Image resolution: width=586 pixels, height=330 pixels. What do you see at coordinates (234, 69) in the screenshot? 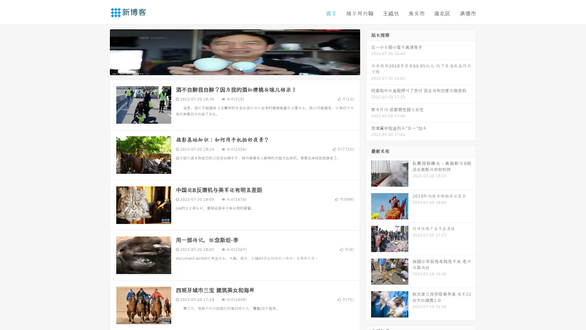
I see `Go to slide 2` at bounding box center [234, 69].